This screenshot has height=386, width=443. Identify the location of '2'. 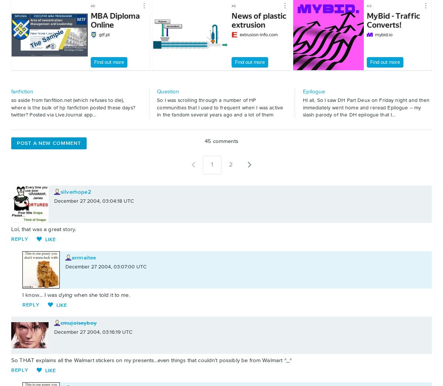
(230, 164).